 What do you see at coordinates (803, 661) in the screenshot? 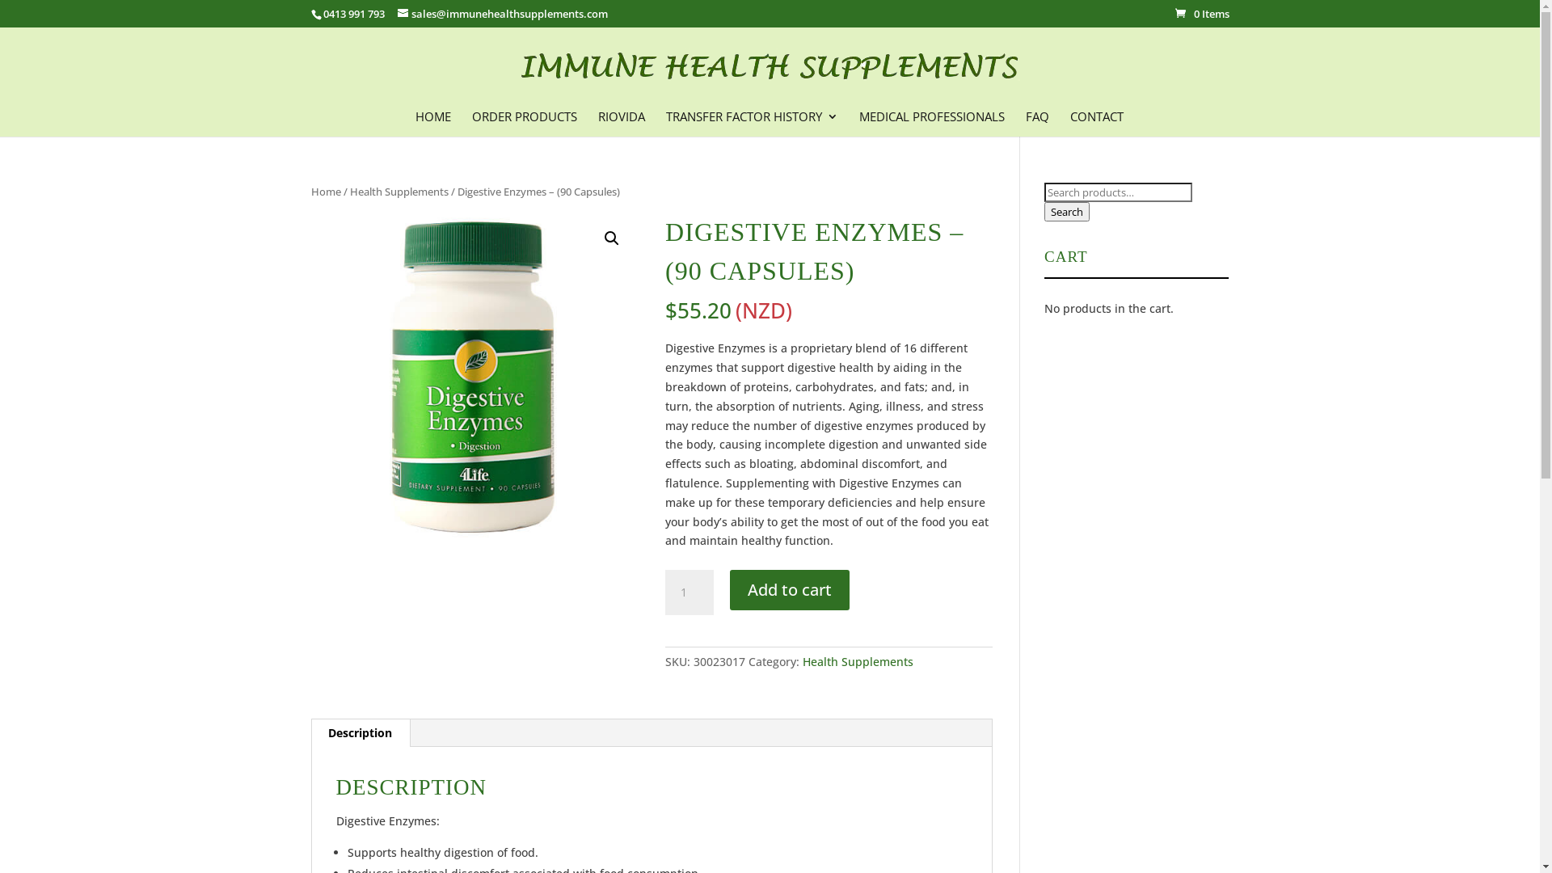
I see `'Health Supplements'` at bounding box center [803, 661].